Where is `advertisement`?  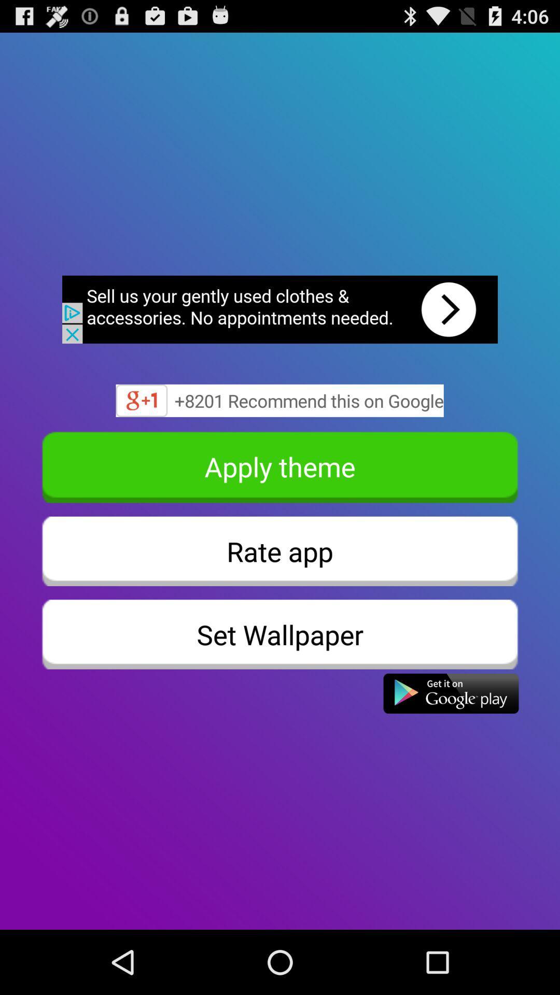
advertisement is located at coordinates (280, 309).